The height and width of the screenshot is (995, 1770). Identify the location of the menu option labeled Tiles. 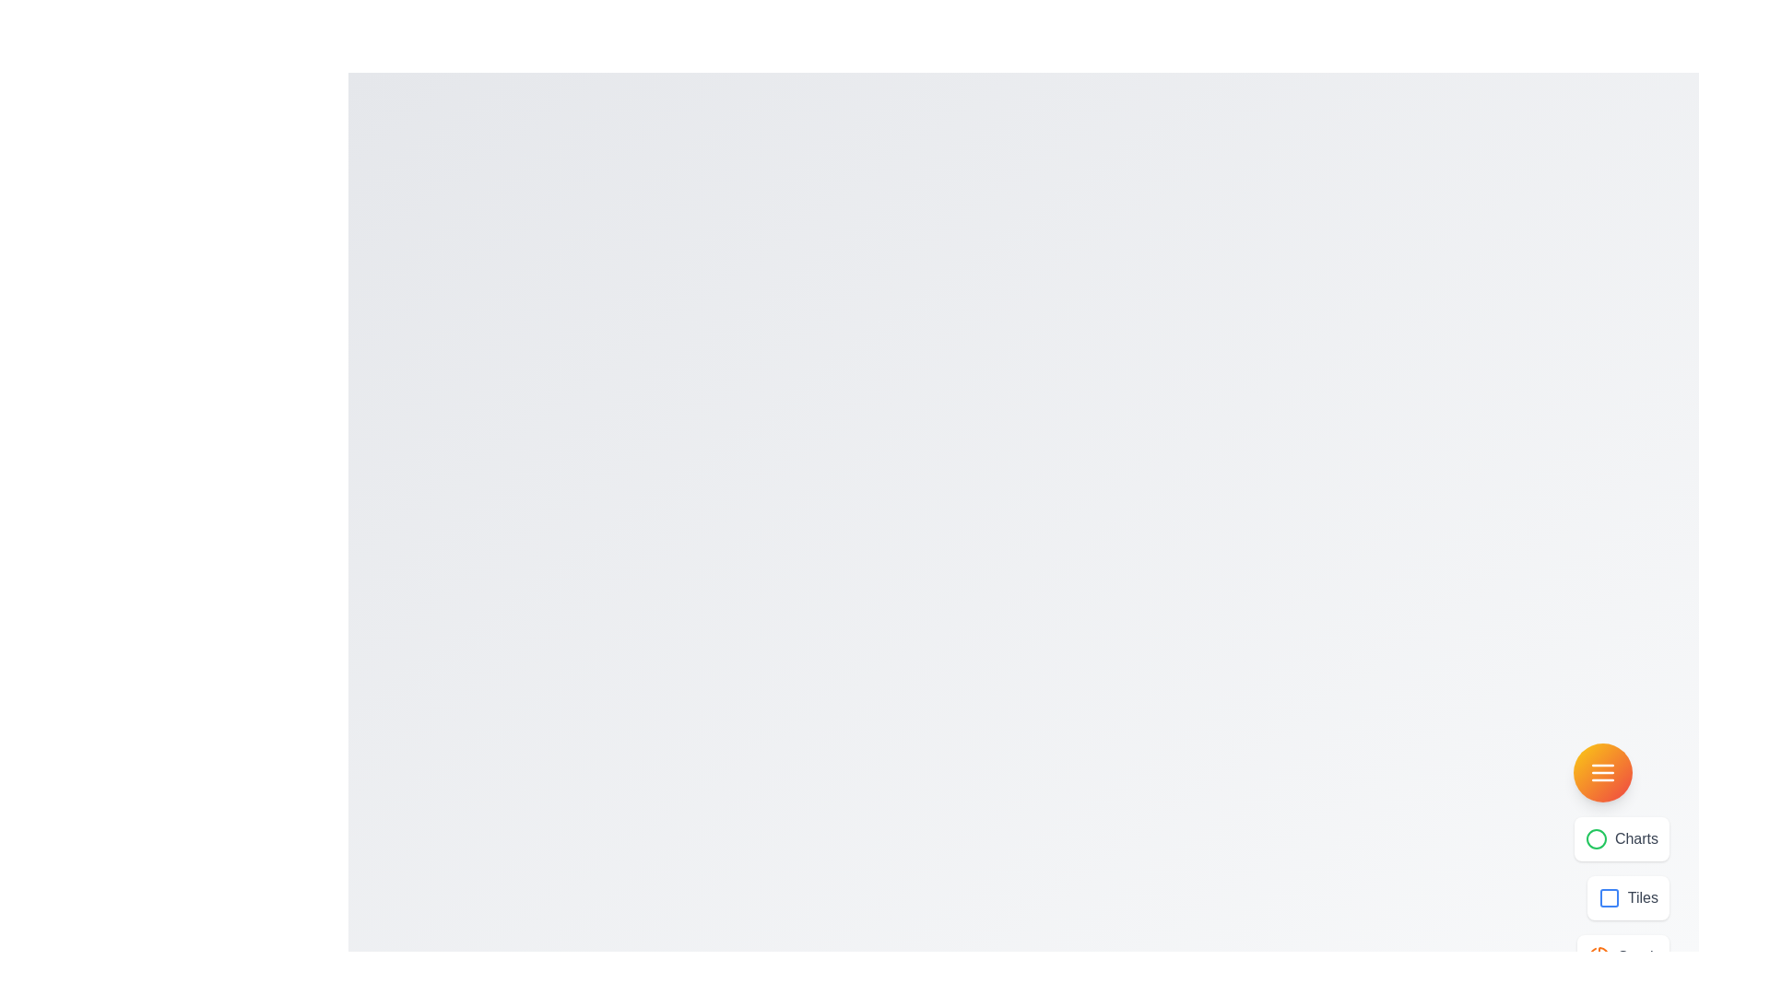
(1628, 897).